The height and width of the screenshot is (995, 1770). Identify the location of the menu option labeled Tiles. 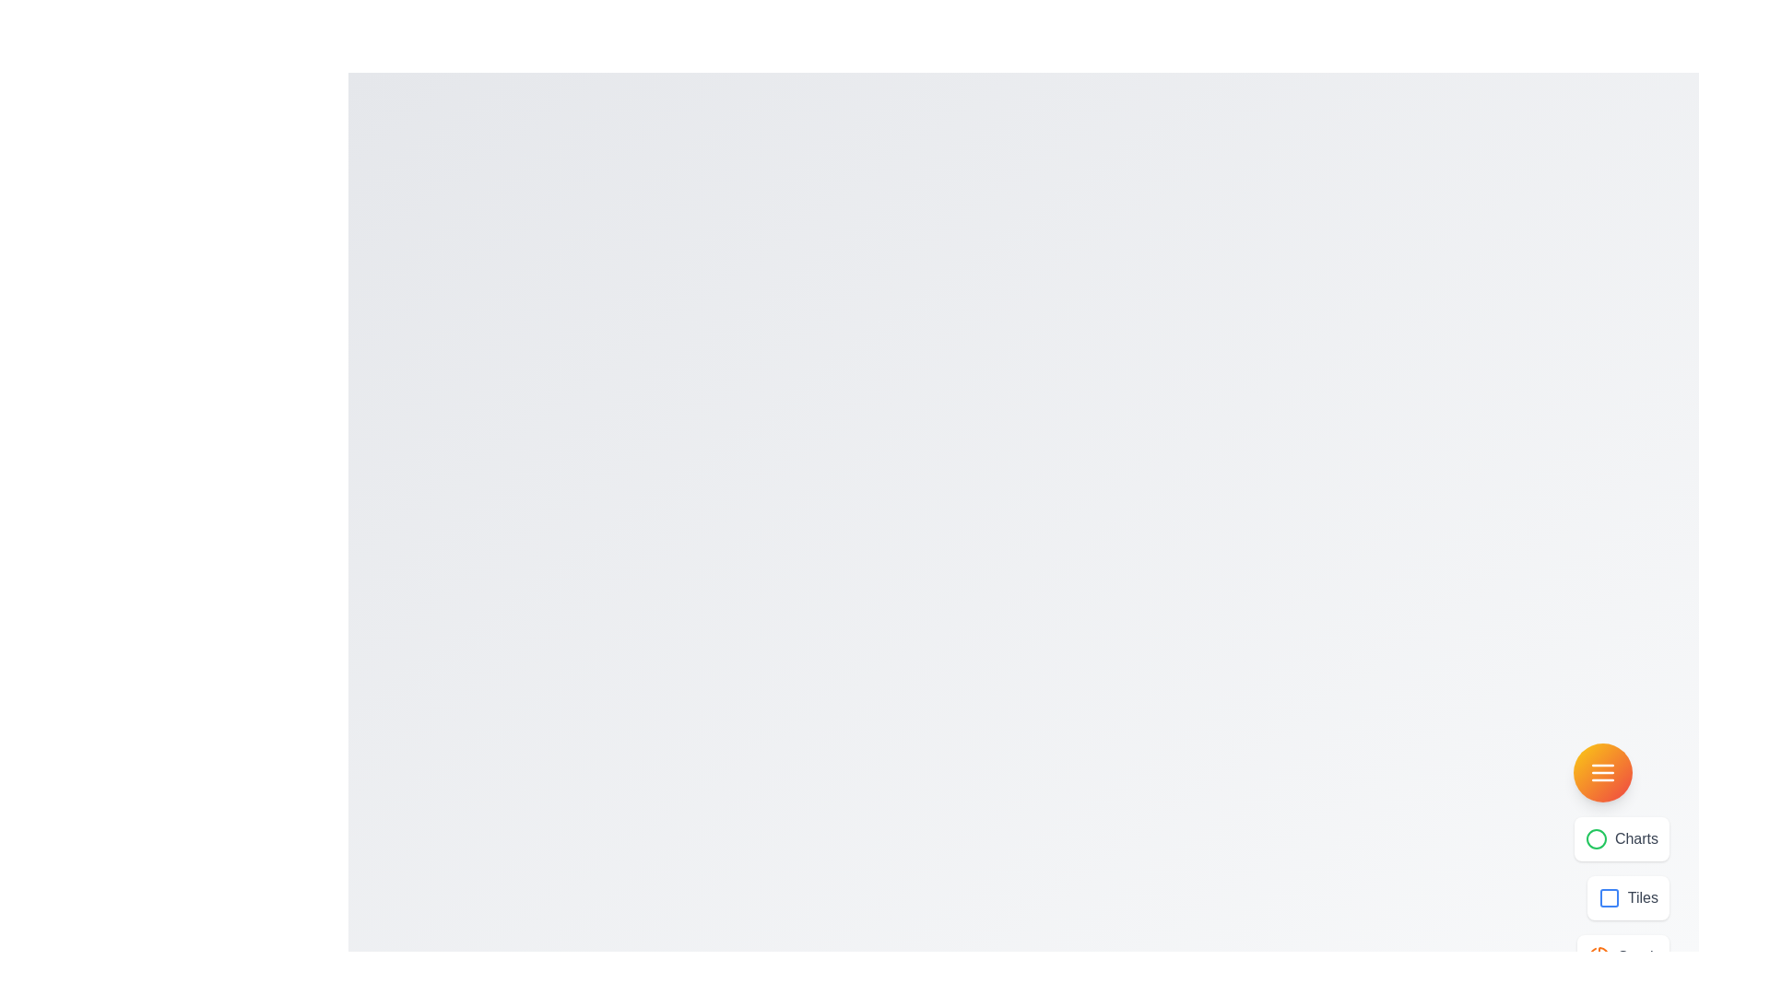
(1628, 897).